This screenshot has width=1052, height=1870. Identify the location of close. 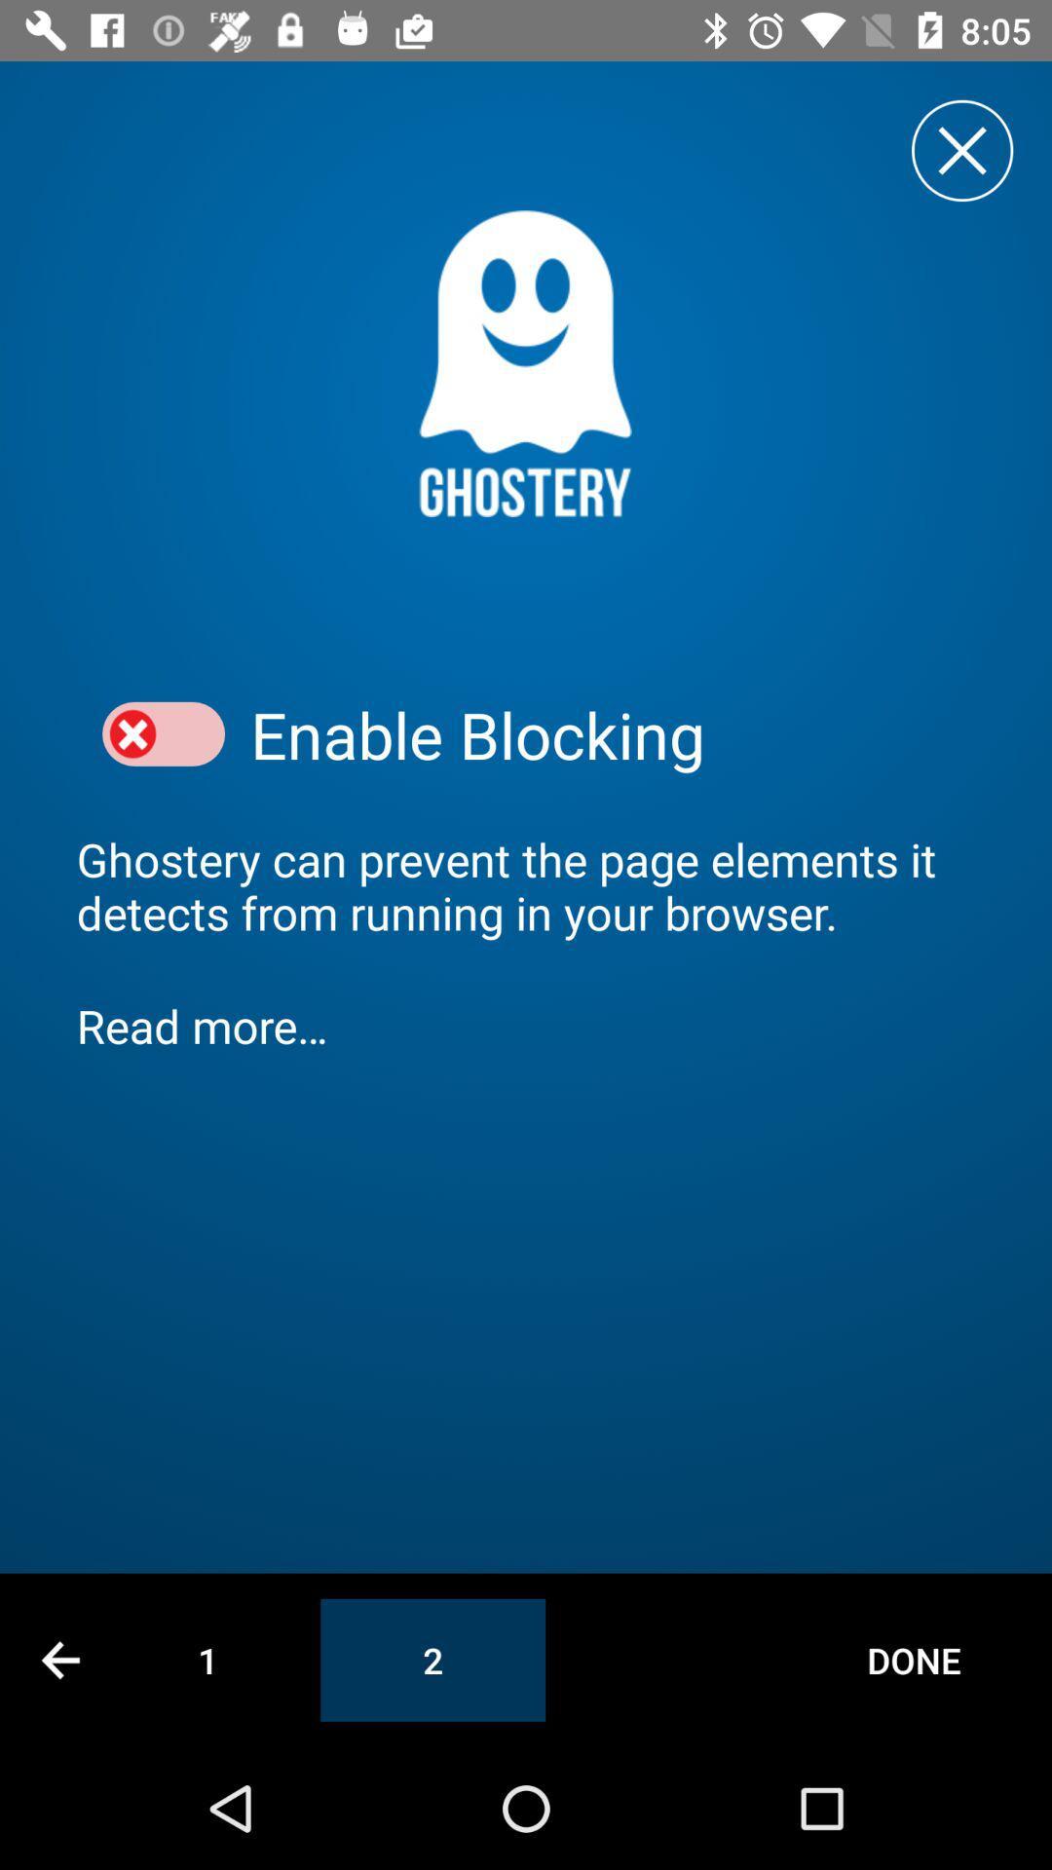
(961, 149).